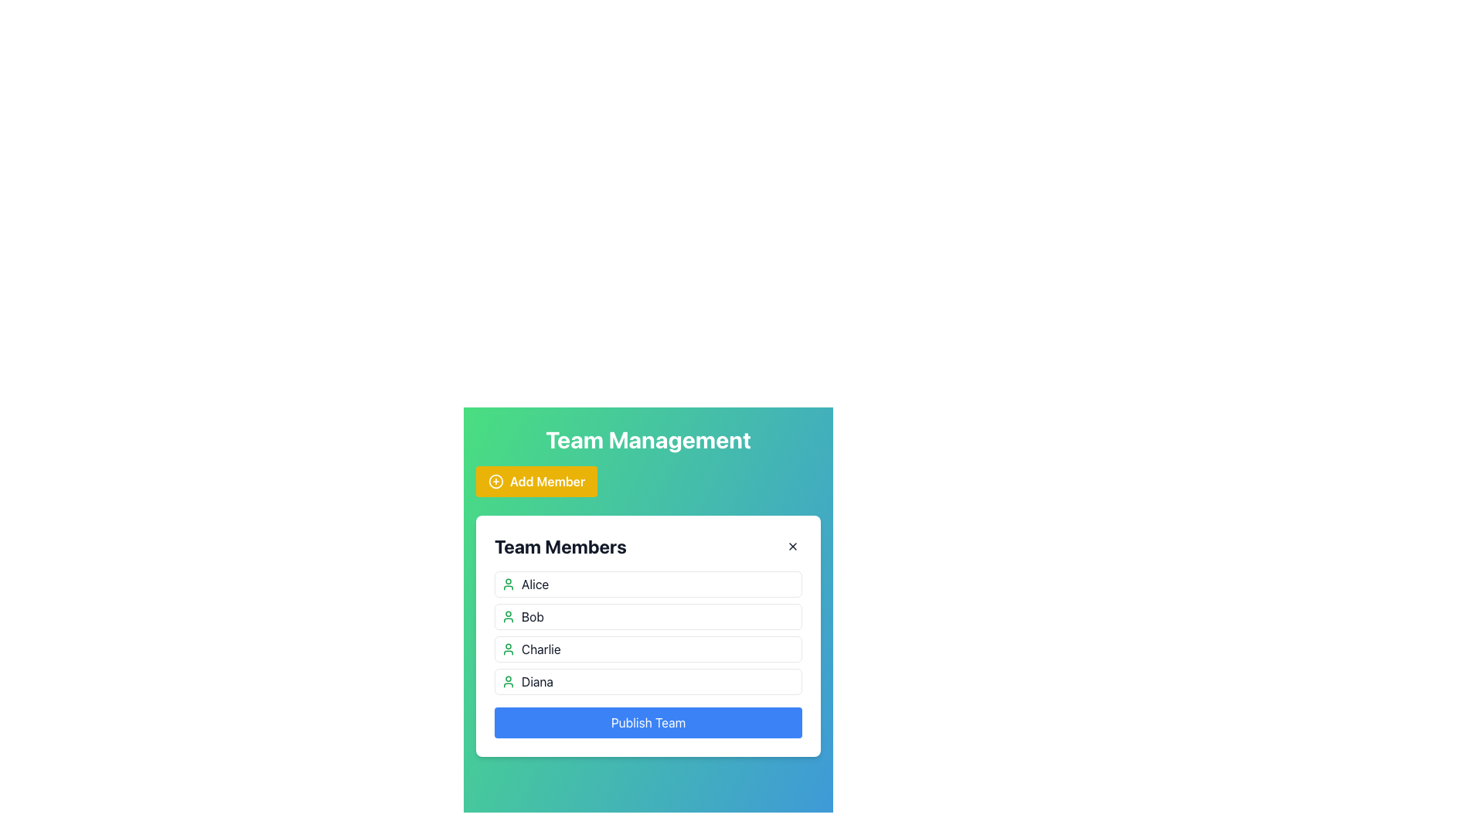  What do you see at coordinates (793, 545) in the screenshot?
I see `the close icon located in the top-right corner of the 'Team Members' section to trigger a tool-tip` at bounding box center [793, 545].